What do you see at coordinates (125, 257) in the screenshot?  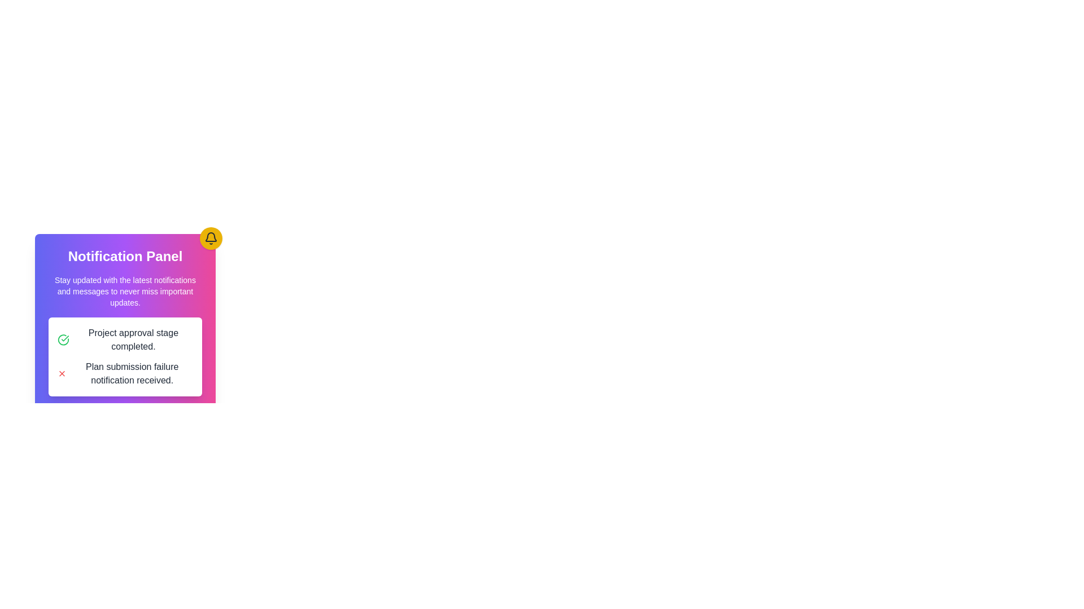 I see `the 'Notification Panel' section header, which is styled in bold and large font, located at the top of the gradient-filled notification card` at bounding box center [125, 257].